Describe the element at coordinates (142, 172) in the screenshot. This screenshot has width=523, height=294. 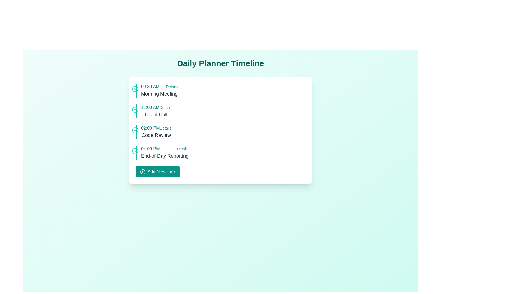
I see `the add new task icon located on the left side of the text 'Add New Task' in the daily planner interface` at that location.